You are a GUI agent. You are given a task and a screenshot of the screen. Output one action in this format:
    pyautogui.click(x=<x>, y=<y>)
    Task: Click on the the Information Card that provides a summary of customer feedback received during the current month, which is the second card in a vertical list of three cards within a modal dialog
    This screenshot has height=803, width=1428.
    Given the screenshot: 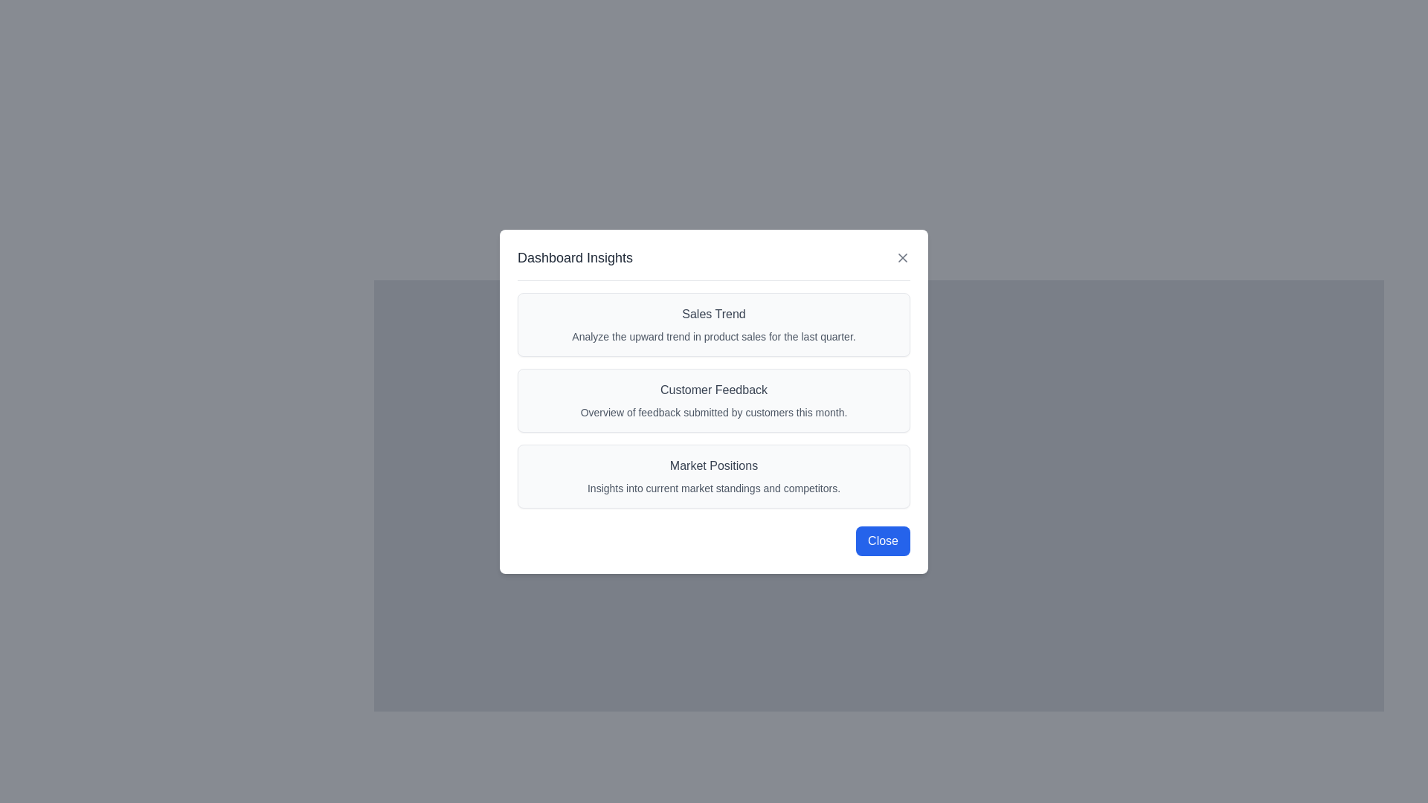 What is the action you would take?
    pyautogui.click(x=714, y=401)
    